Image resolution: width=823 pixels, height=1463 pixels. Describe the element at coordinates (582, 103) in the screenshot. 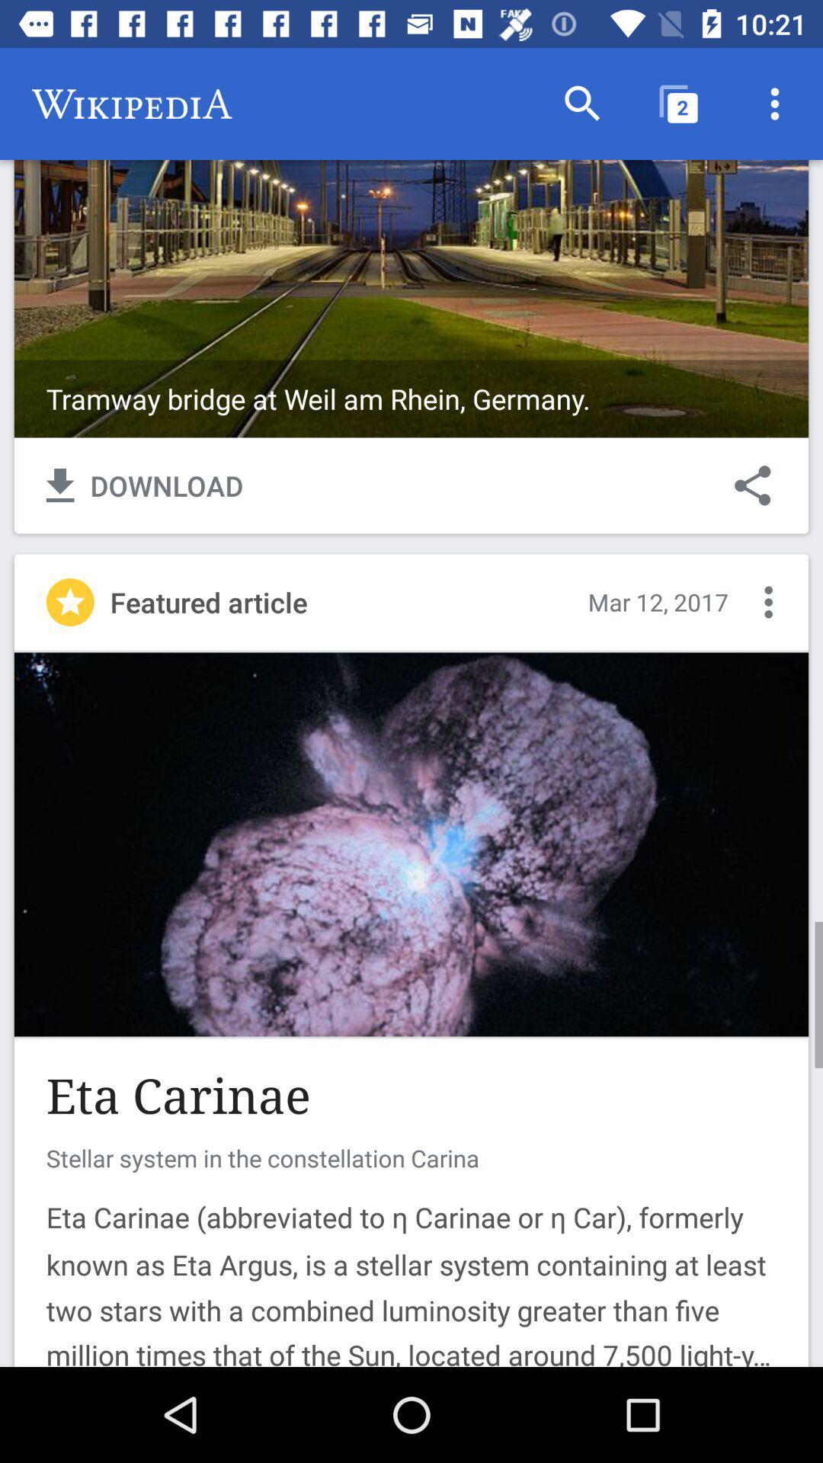

I see `the item above tramway bridge at icon` at that location.